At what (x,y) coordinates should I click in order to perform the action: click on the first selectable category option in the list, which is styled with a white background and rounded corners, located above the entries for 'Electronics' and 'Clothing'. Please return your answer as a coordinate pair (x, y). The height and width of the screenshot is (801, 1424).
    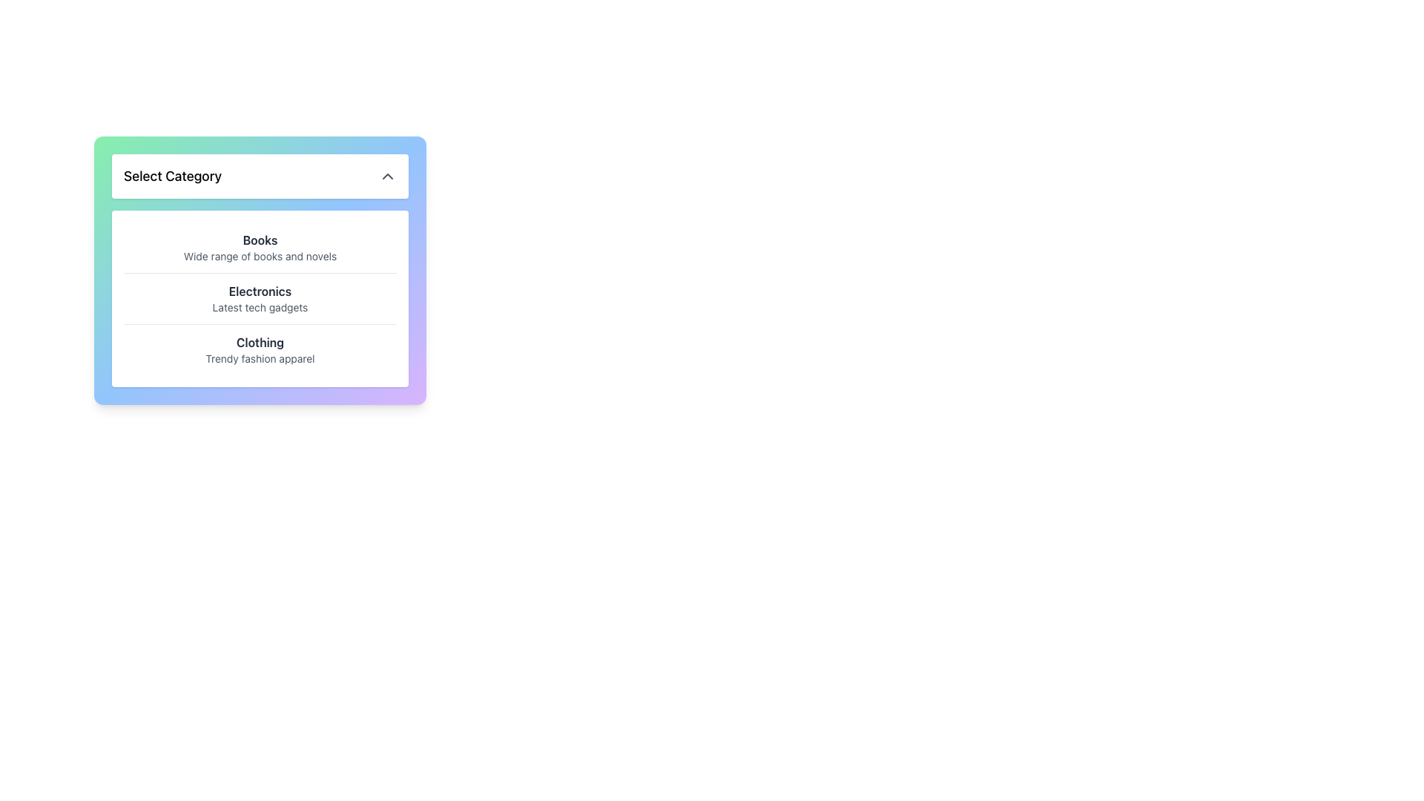
    Looking at the image, I should click on (260, 247).